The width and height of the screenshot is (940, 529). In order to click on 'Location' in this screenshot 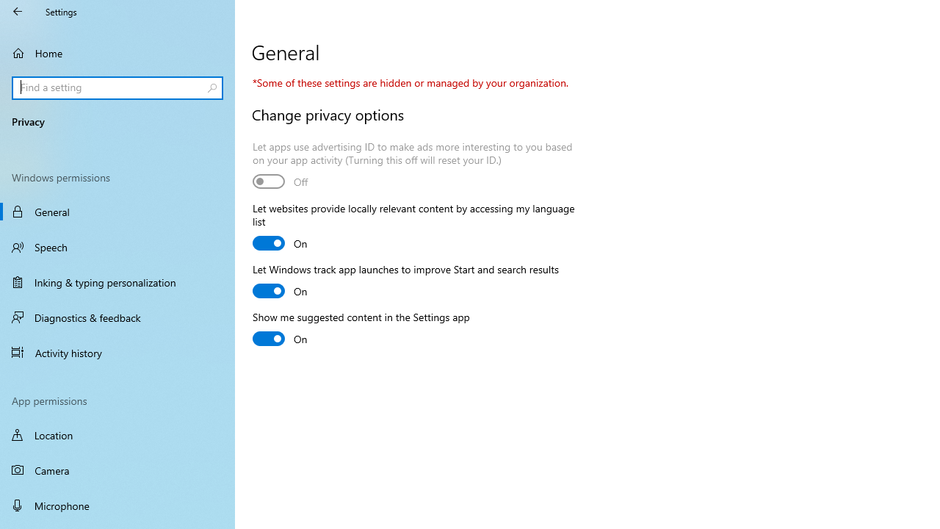, I will do `click(117, 434)`.